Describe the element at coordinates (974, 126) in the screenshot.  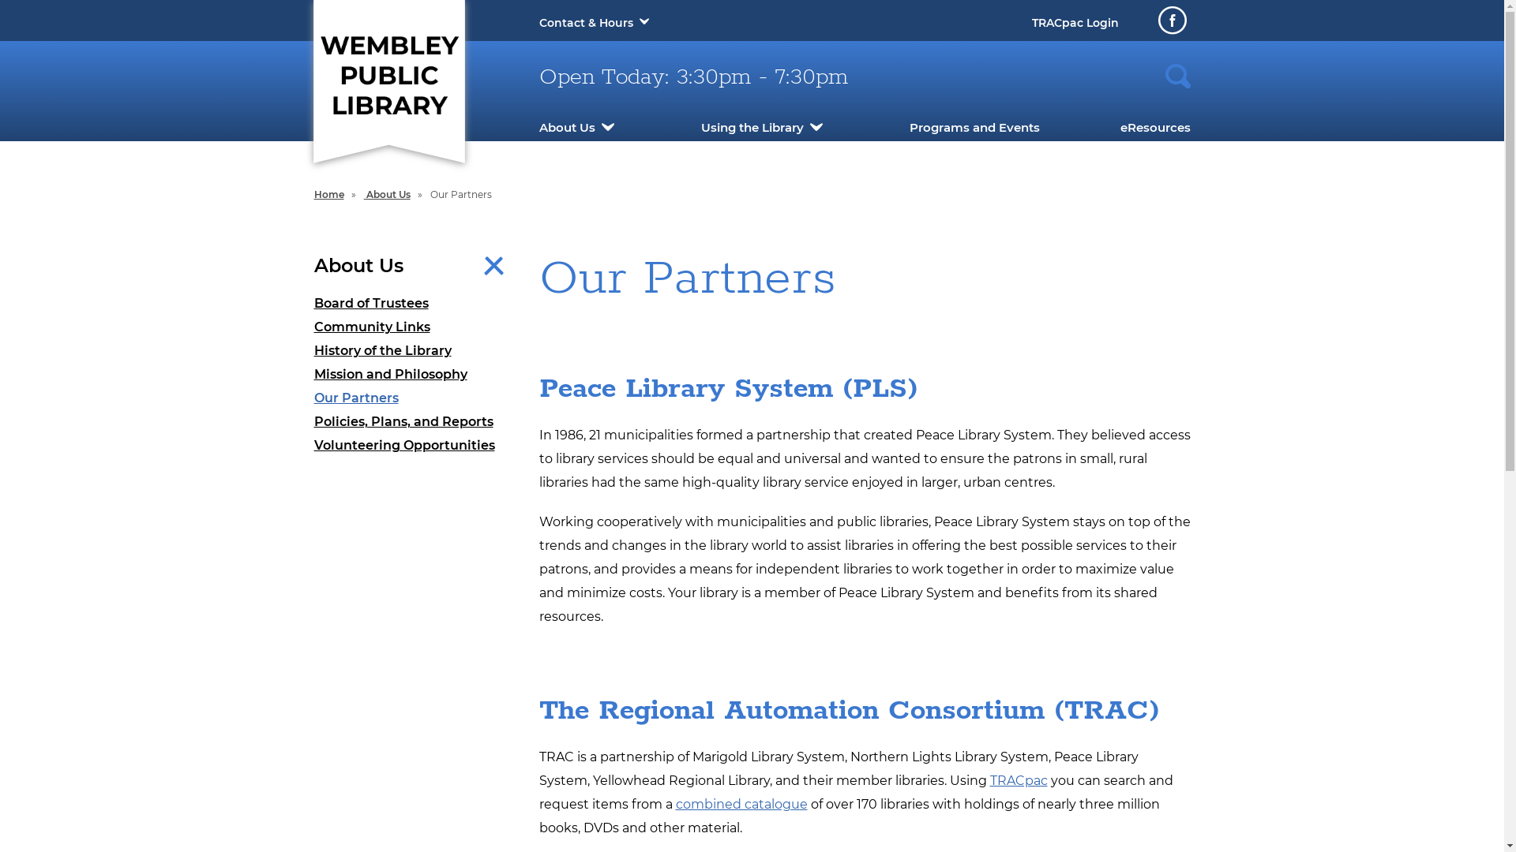
I see `'Programs and Events'` at that location.